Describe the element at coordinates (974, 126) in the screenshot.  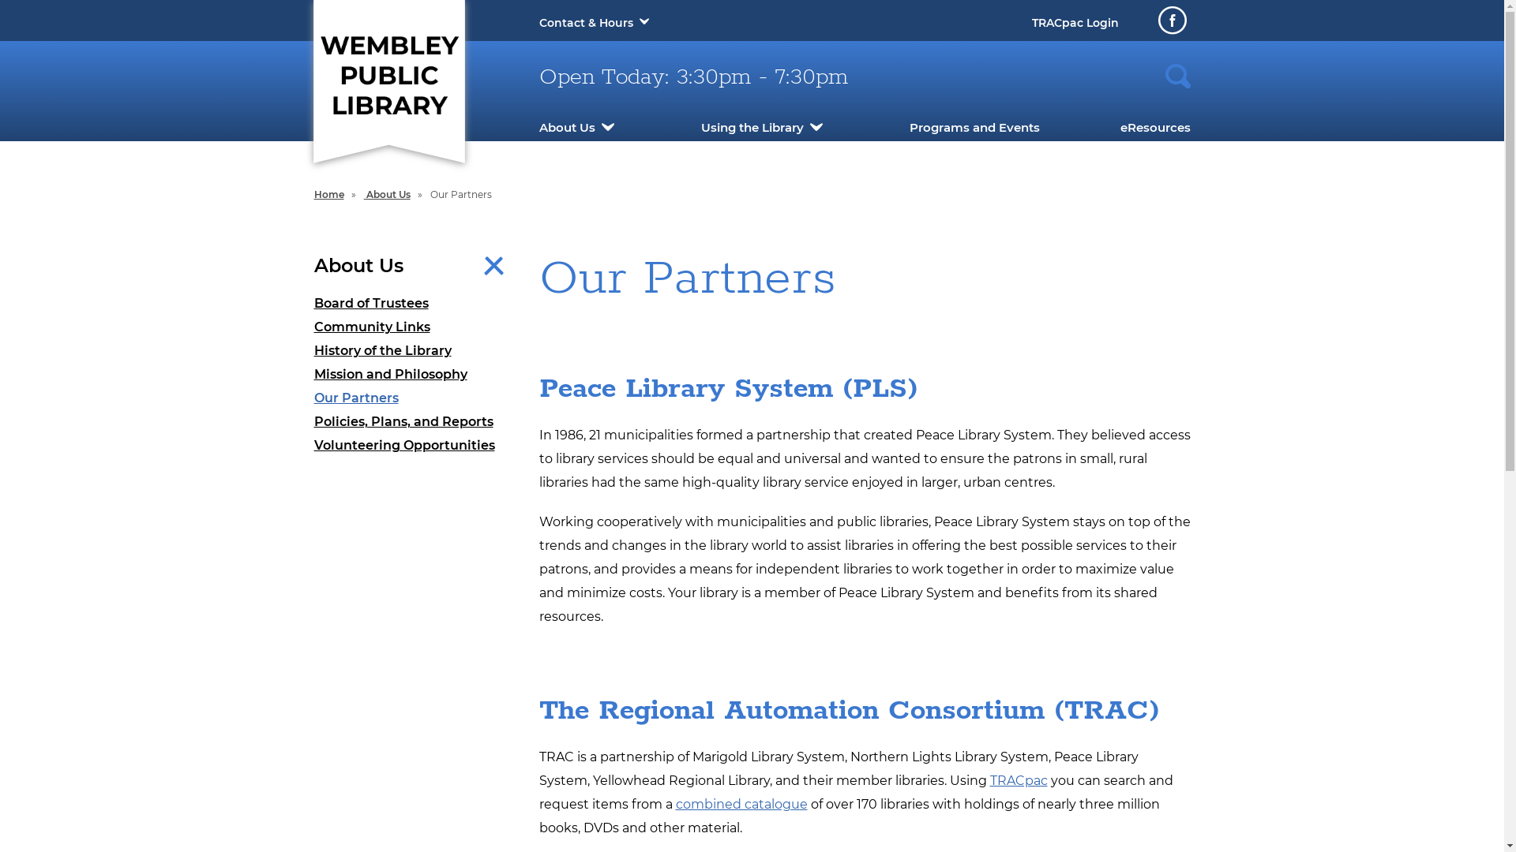
I see `'Programs and Events'` at that location.